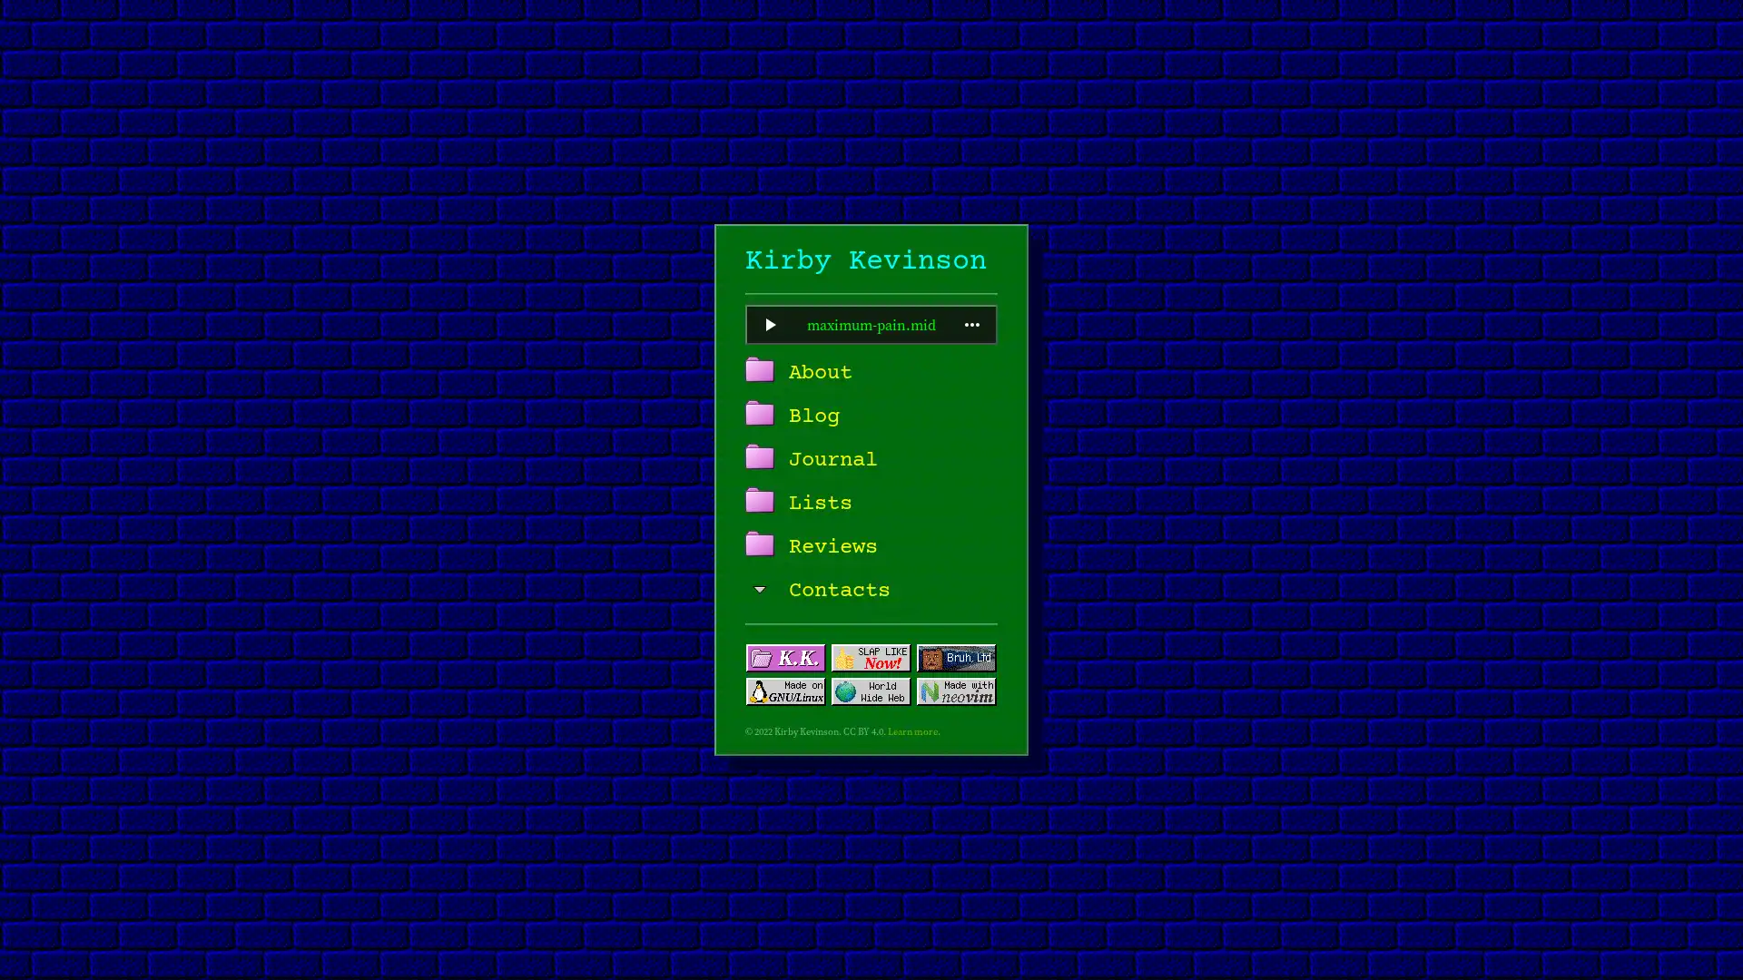  What do you see at coordinates (970, 324) in the screenshot?
I see `Show more` at bounding box center [970, 324].